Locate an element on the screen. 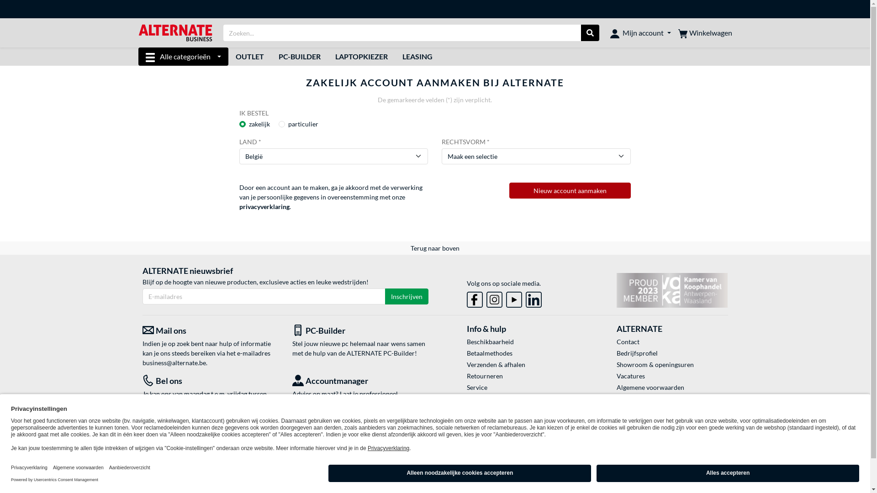 The height and width of the screenshot is (493, 877). 'Terug naar boven' is located at coordinates (434, 248).